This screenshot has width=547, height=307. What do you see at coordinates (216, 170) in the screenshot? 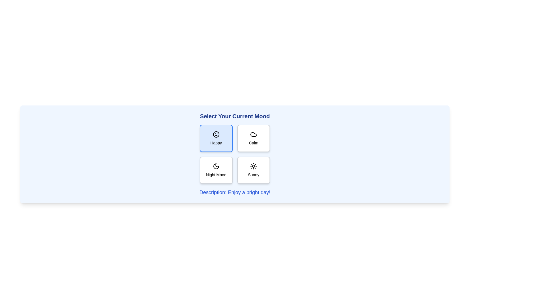
I see `the mood Night Mood by clicking its corresponding button` at bounding box center [216, 170].